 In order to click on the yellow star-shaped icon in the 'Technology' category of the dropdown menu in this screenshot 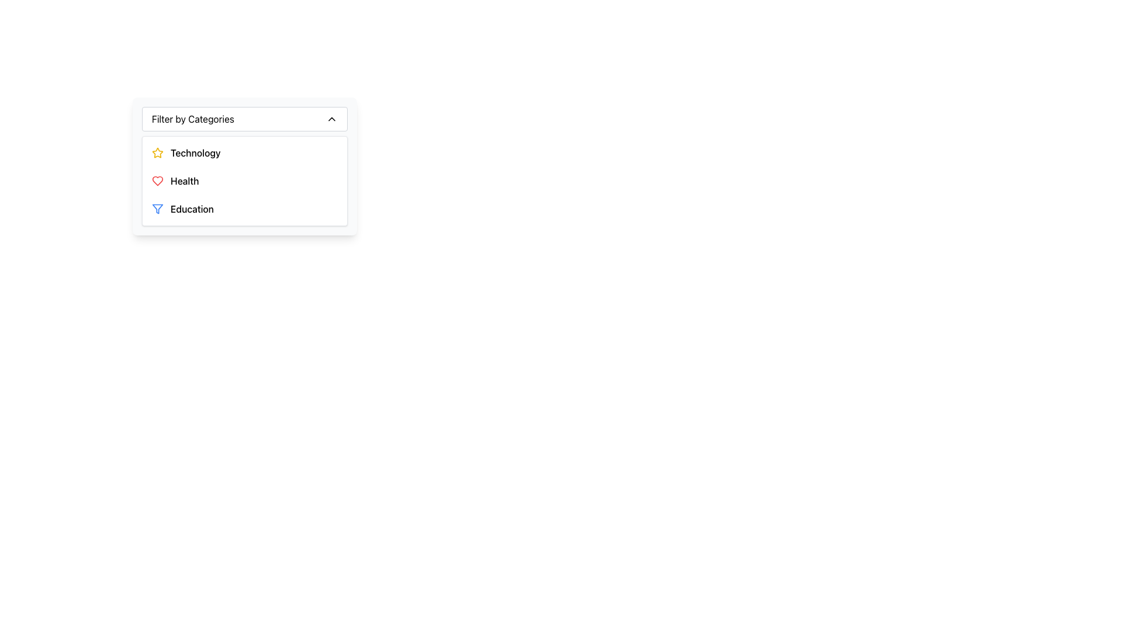, I will do `click(157, 152)`.